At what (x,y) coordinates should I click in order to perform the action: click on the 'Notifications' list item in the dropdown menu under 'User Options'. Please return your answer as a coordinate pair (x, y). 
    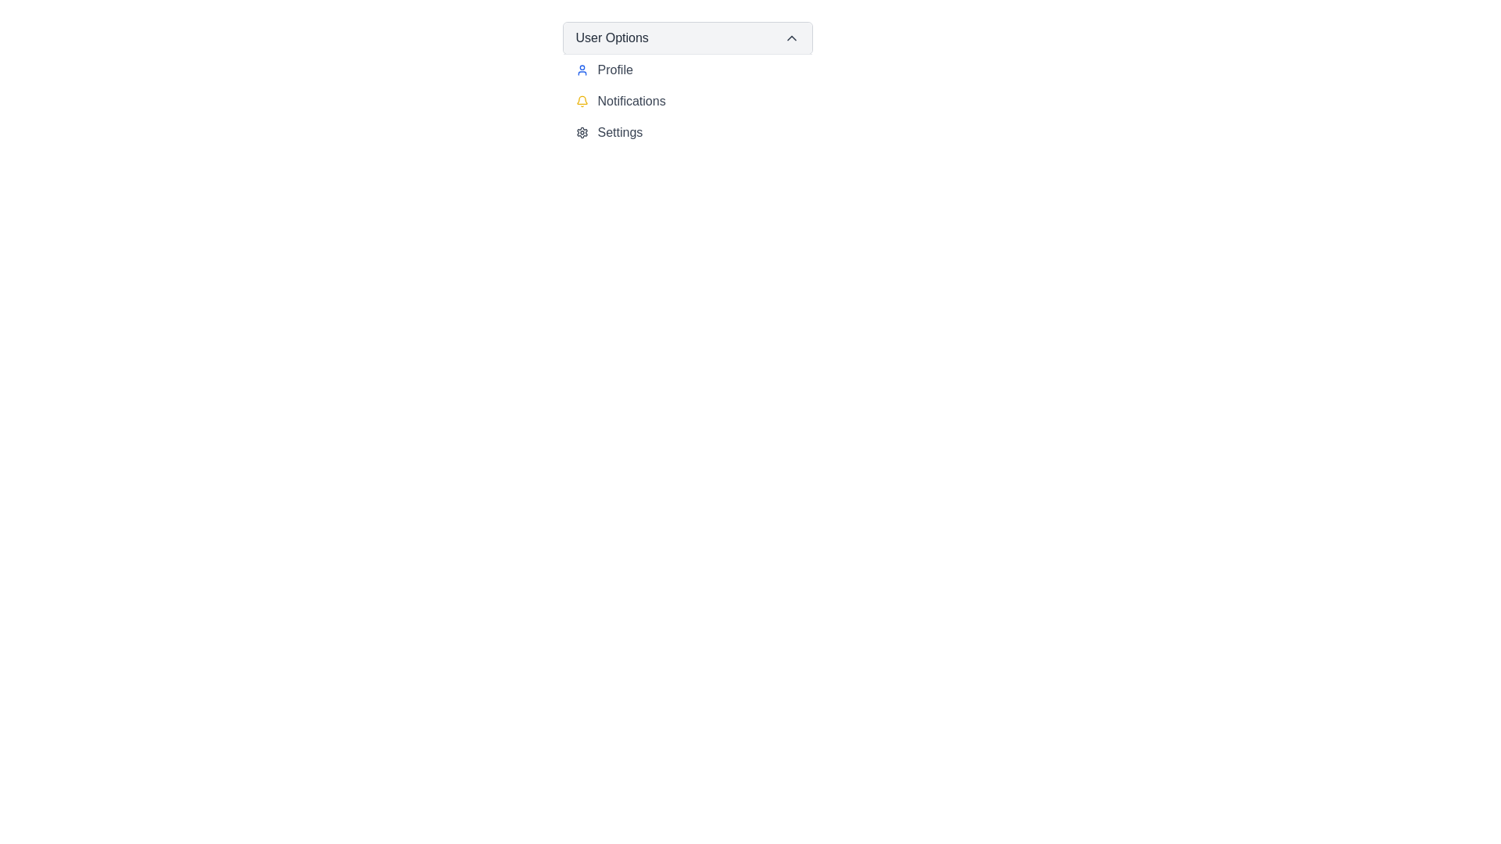
    Looking at the image, I should click on (687, 102).